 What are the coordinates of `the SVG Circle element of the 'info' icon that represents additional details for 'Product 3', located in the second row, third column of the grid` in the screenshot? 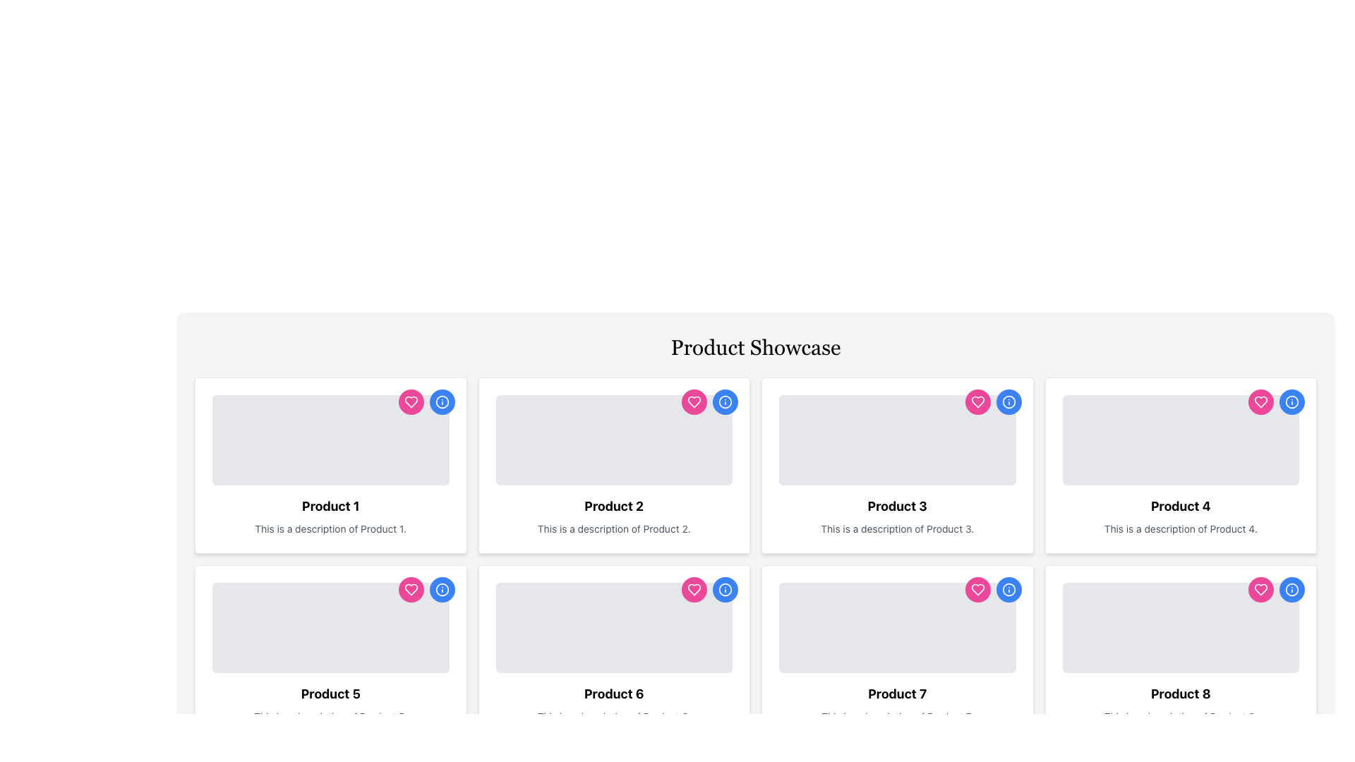 It's located at (1008, 402).